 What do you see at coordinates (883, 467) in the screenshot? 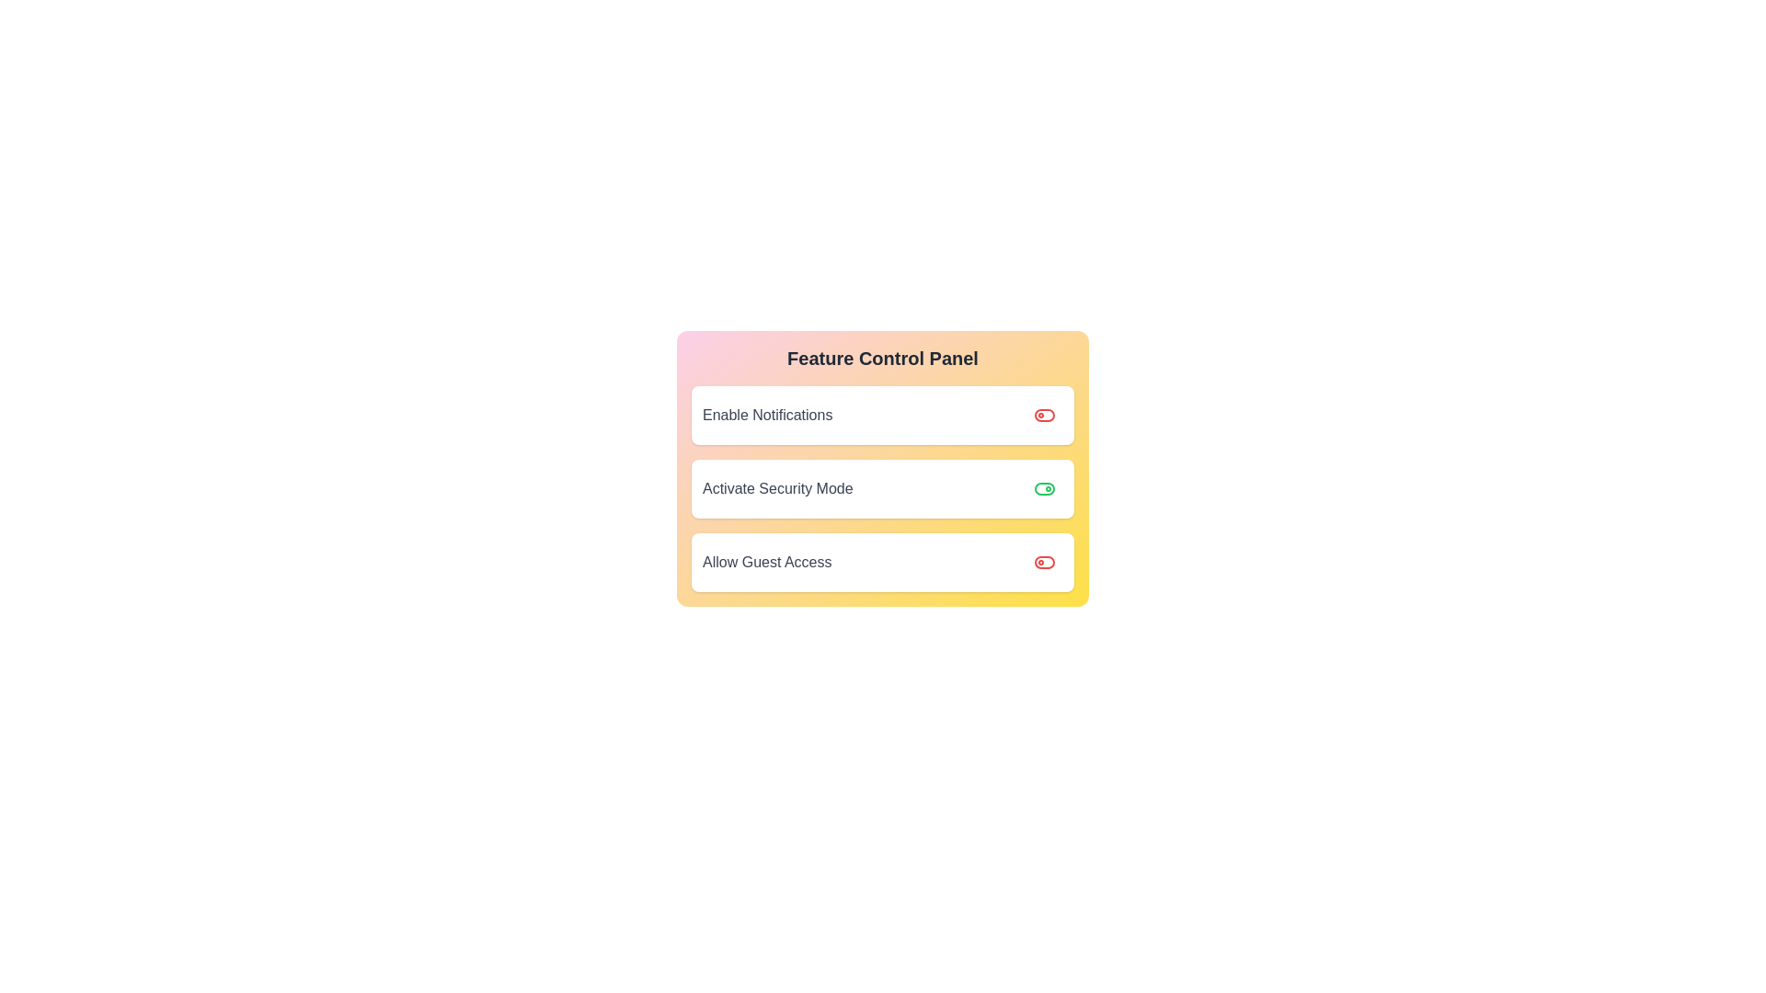
I see `the toggle switch for 'Activate Security Mode' located in the 'Feature Control Panel'` at bounding box center [883, 467].